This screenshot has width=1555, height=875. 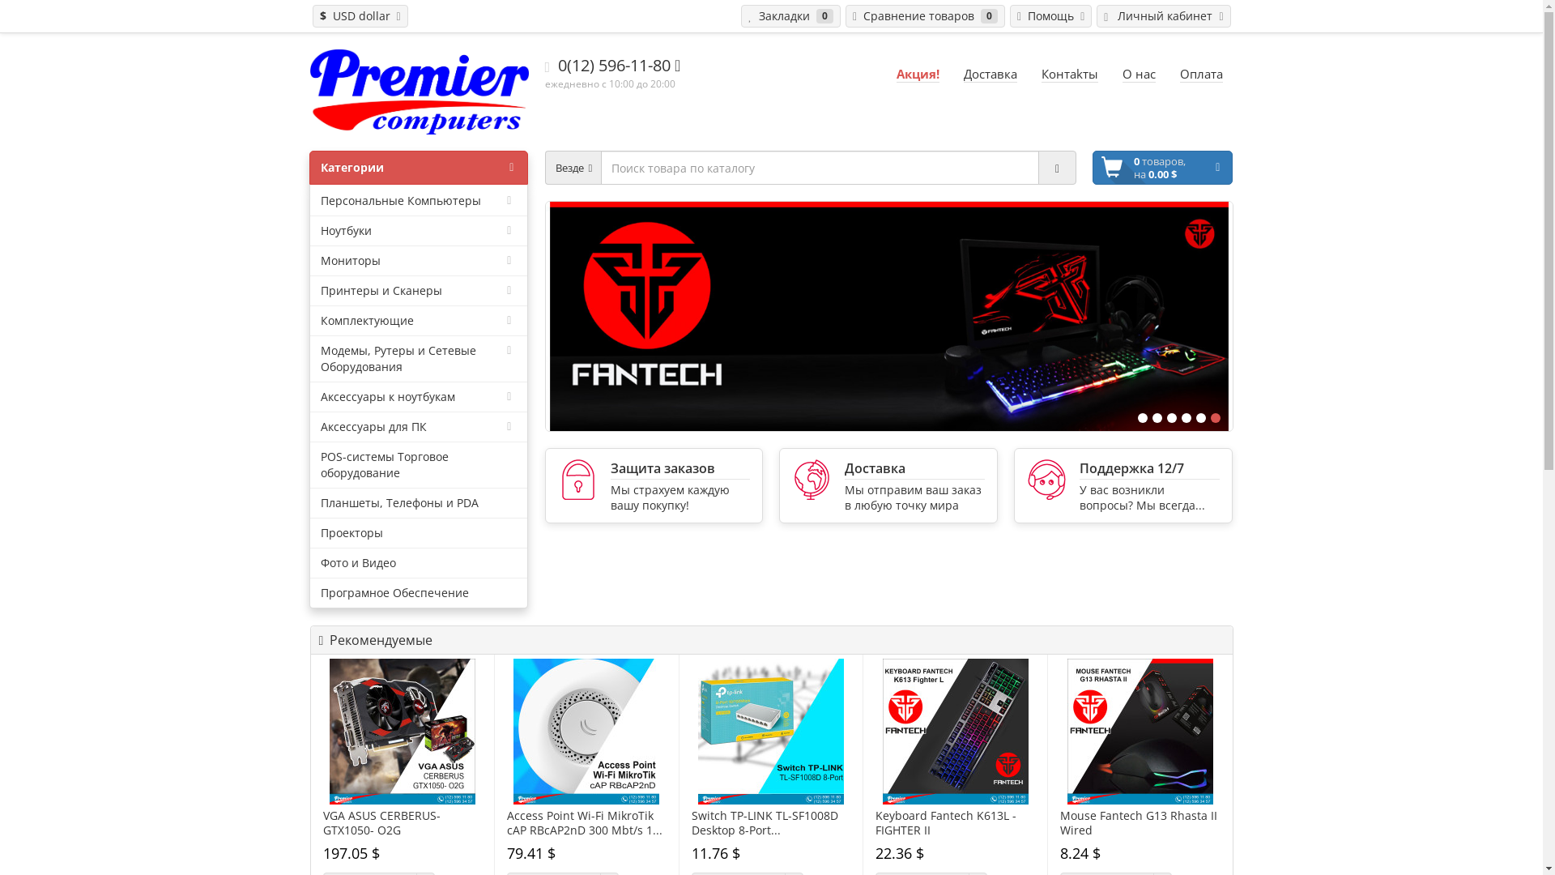 I want to click on 'Access Point Wi-Fi MikroTik cAP RBcAP2nD 300 Mbt/s 1...', so click(x=586, y=822).